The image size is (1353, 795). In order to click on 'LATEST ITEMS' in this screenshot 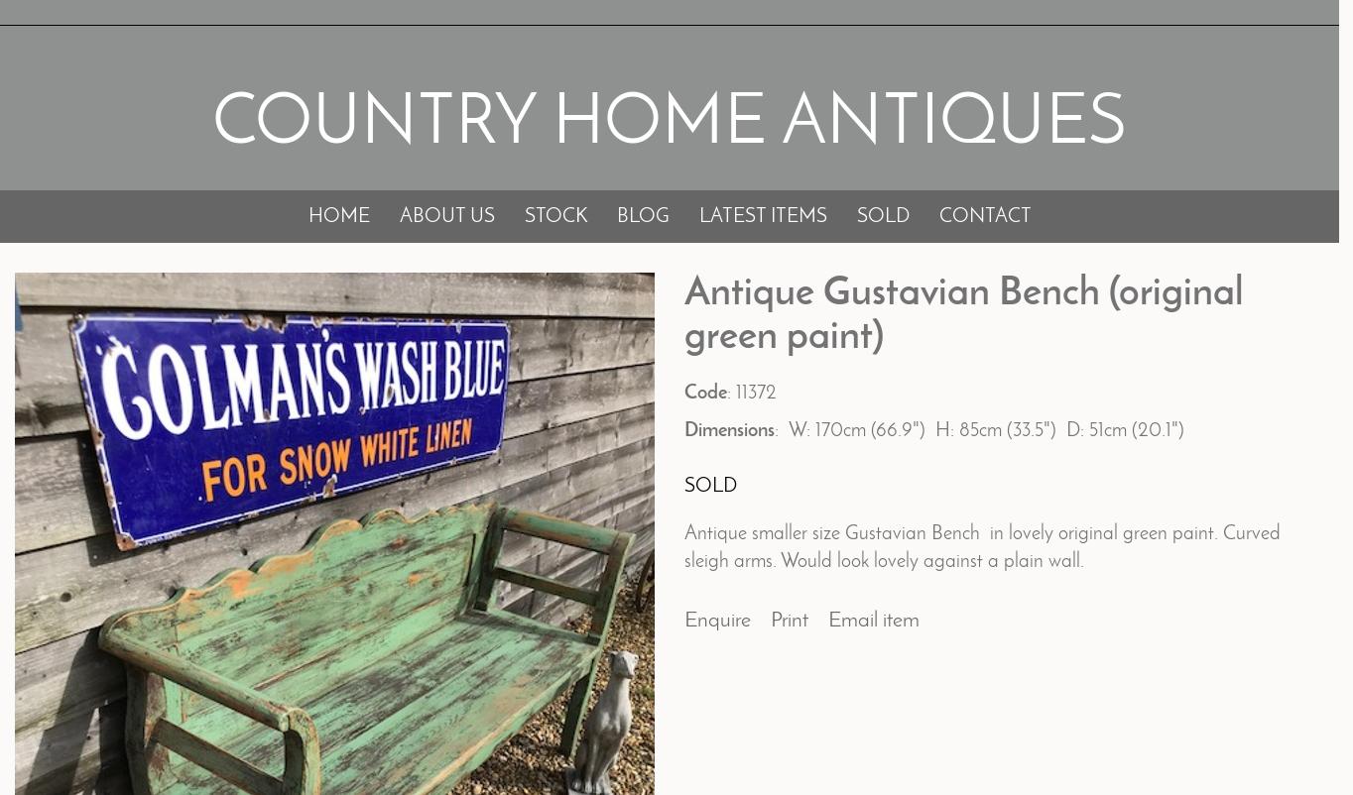, I will do `click(761, 216)`.